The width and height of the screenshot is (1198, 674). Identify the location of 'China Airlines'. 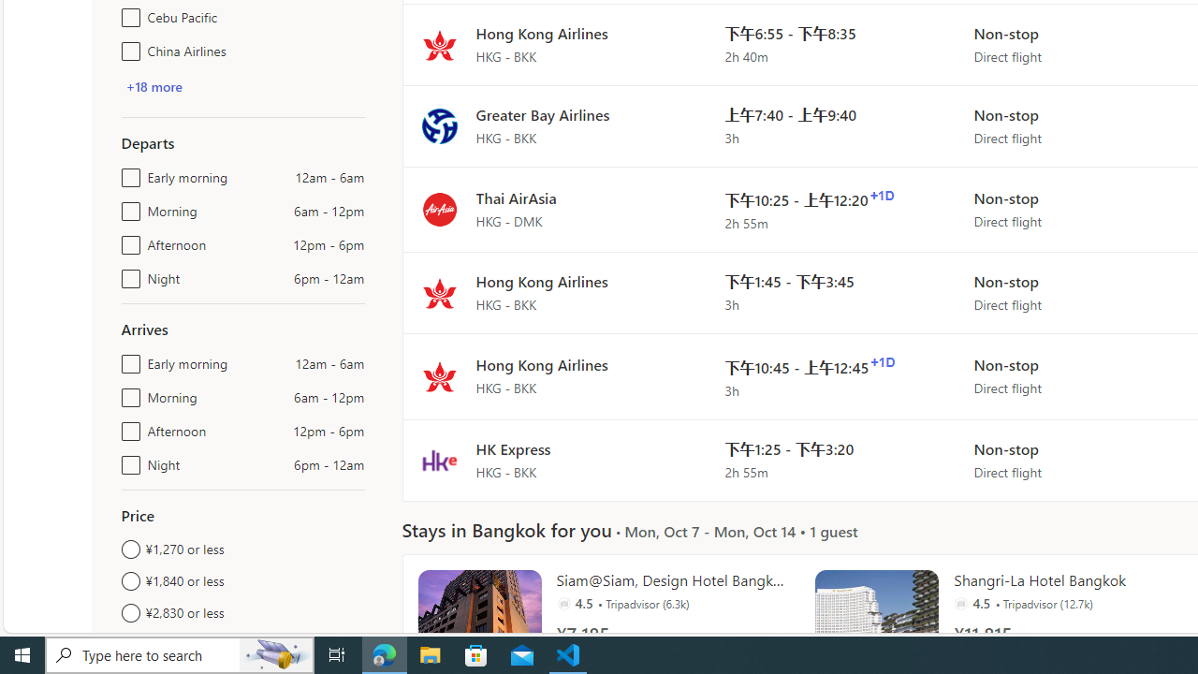
(126, 47).